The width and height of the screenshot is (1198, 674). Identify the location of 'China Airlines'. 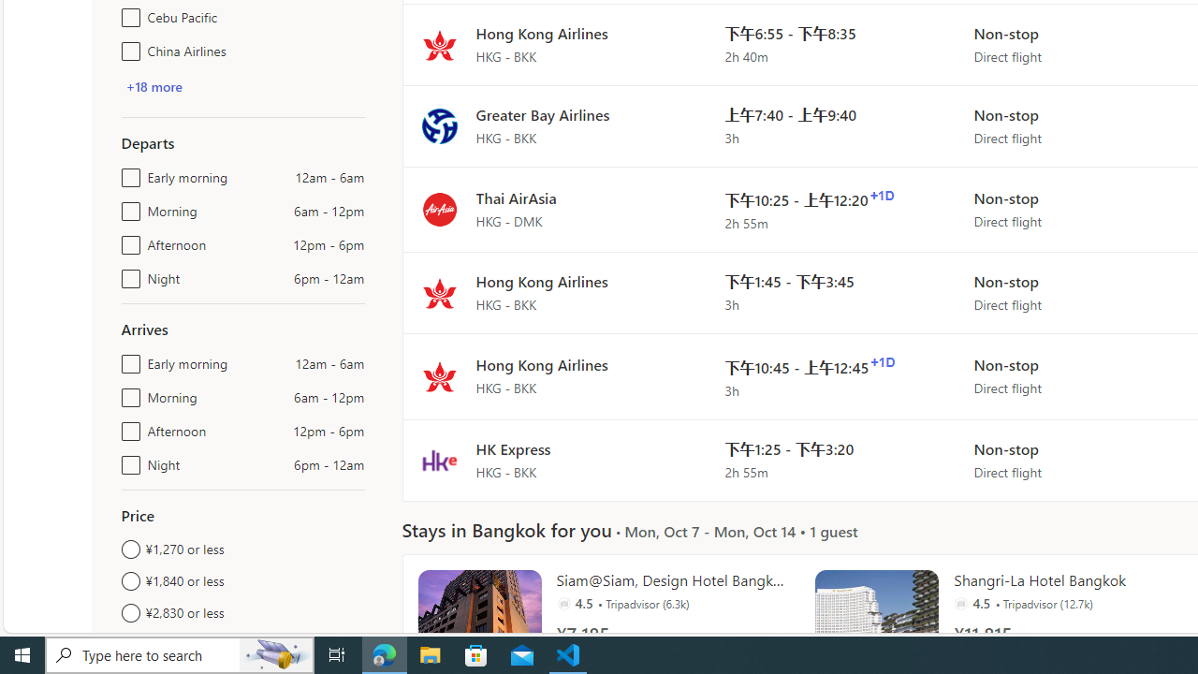
(126, 47).